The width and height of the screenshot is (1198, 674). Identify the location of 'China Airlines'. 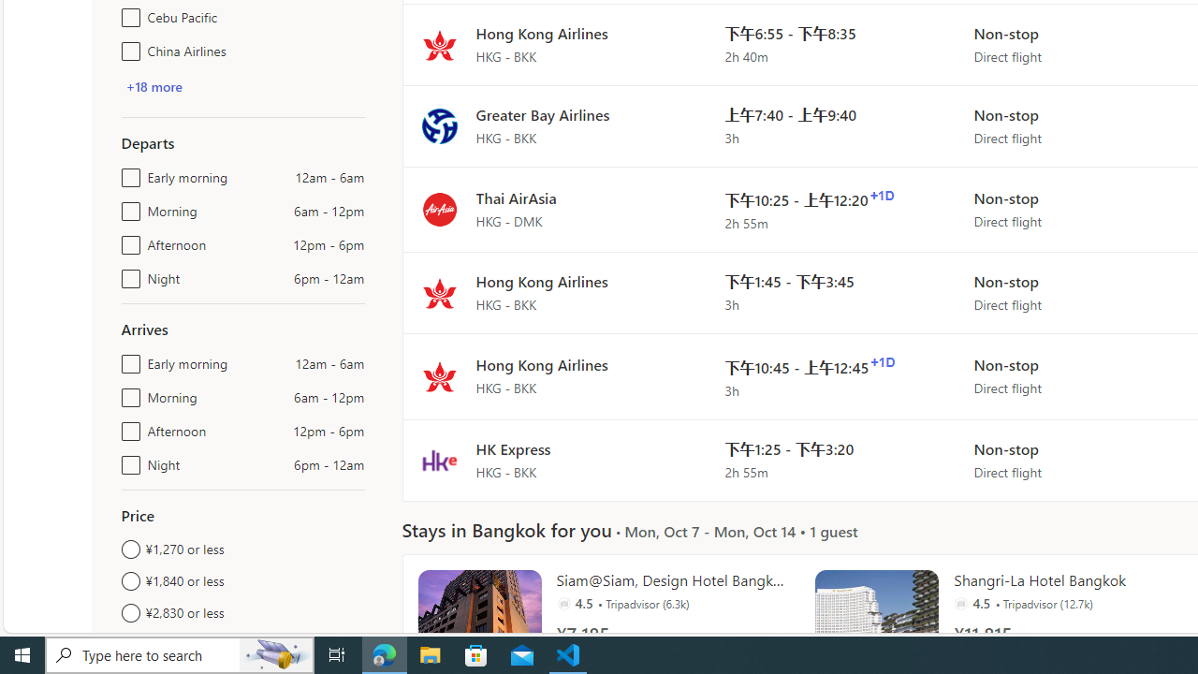
(126, 47).